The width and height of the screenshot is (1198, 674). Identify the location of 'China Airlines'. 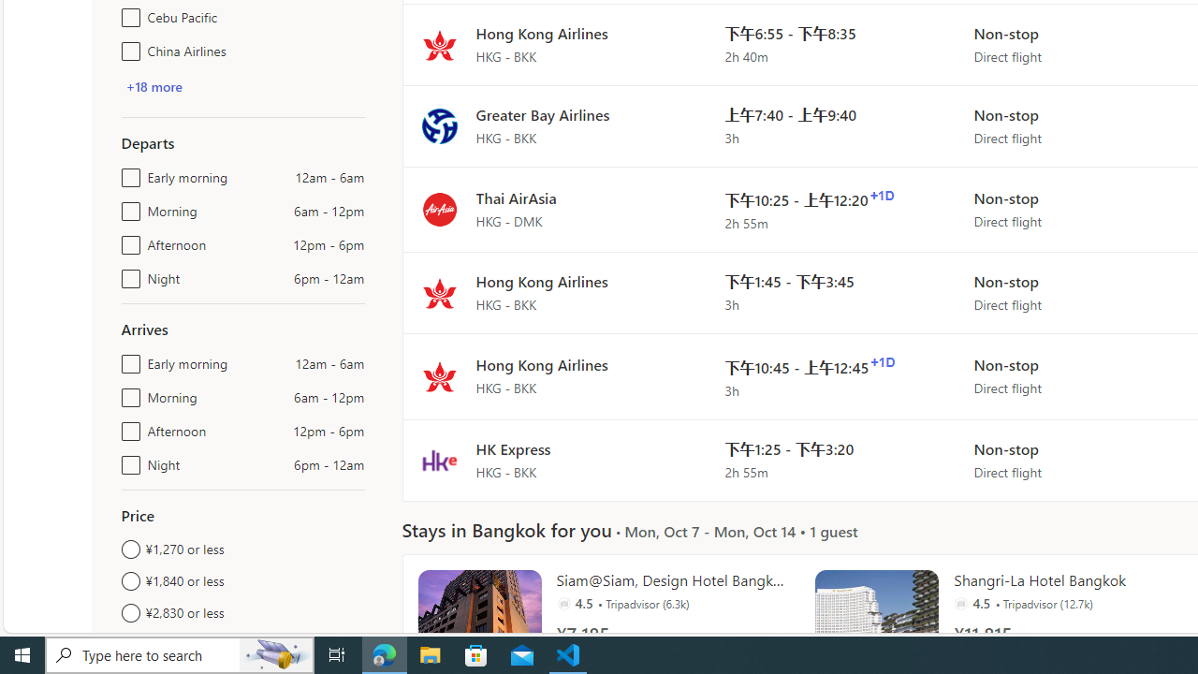
(126, 47).